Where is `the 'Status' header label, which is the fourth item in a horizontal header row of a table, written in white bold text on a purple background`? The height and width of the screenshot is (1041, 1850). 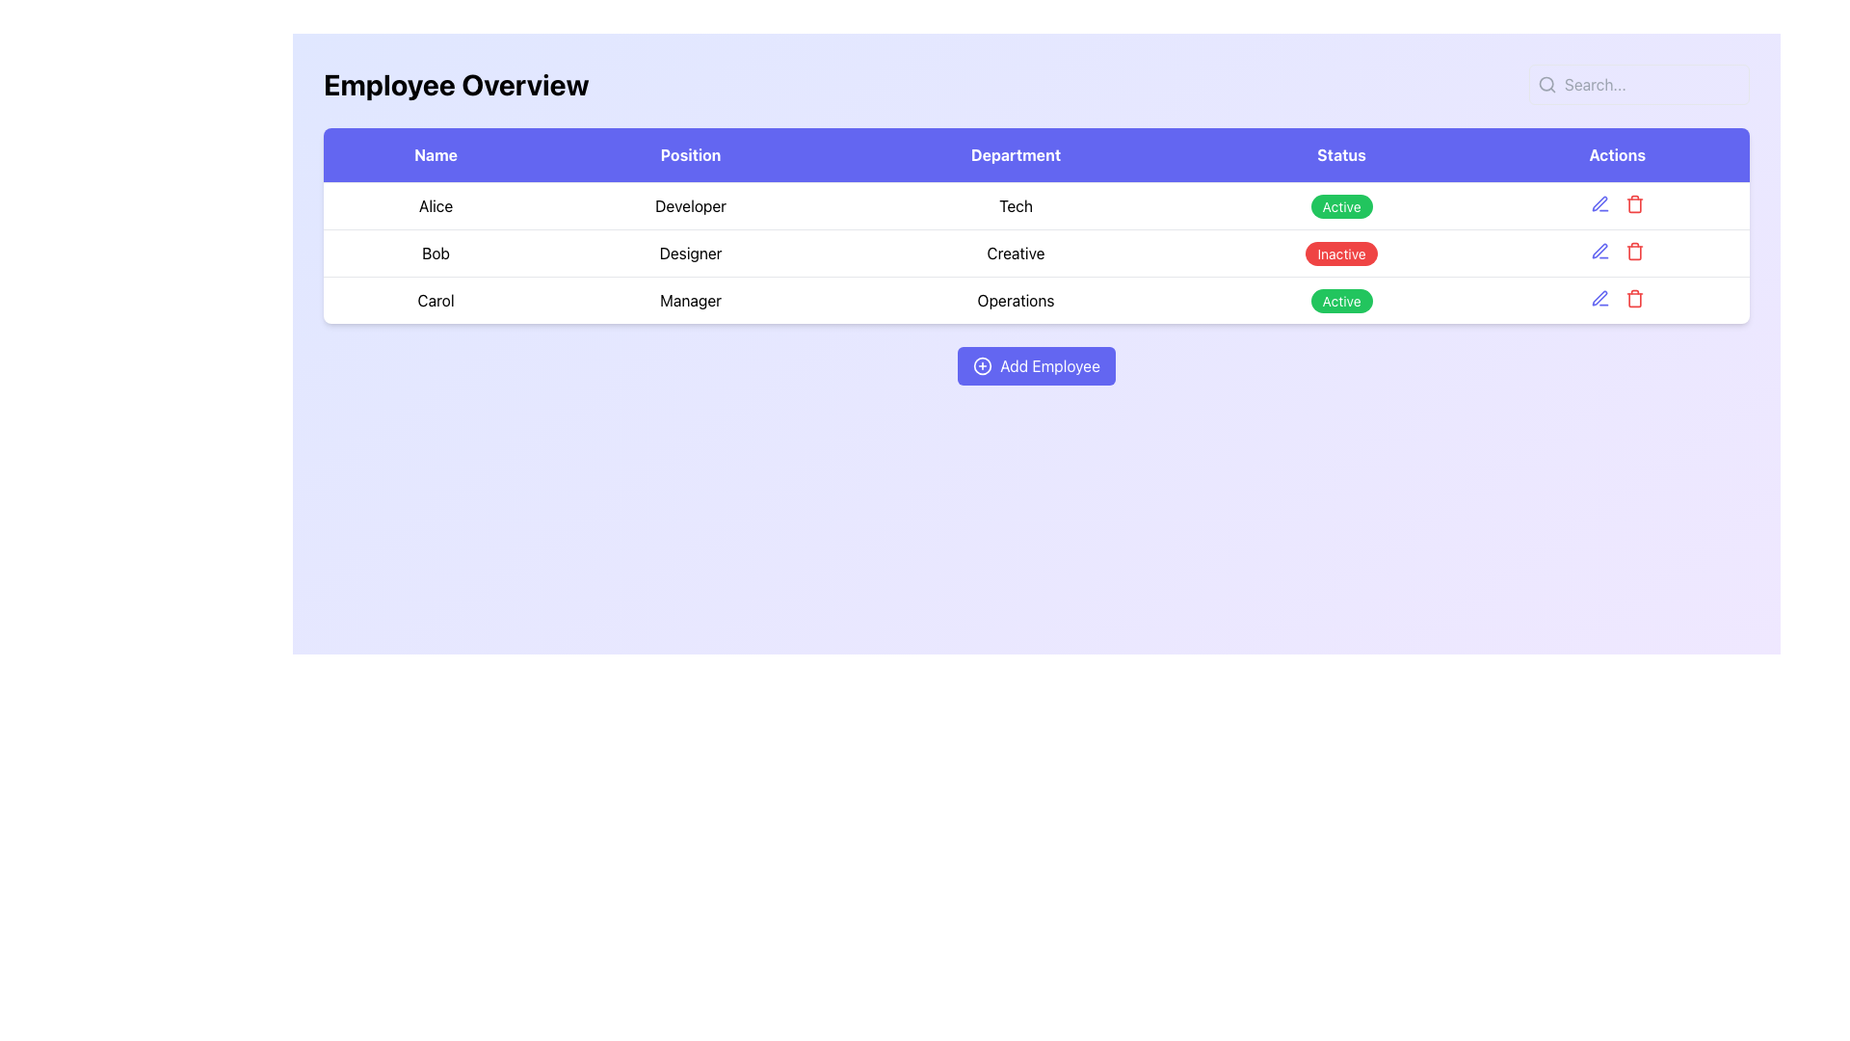 the 'Status' header label, which is the fourth item in a horizontal header row of a table, written in white bold text on a purple background is located at coordinates (1340, 154).